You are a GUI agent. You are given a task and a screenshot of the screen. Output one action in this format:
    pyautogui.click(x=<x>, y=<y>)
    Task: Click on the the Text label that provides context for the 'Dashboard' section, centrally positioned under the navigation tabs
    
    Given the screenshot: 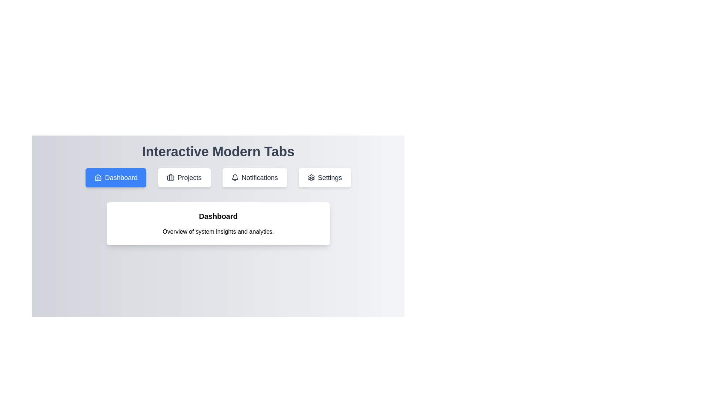 What is the action you would take?
    pyautogui.click(x=218, y=231)
    